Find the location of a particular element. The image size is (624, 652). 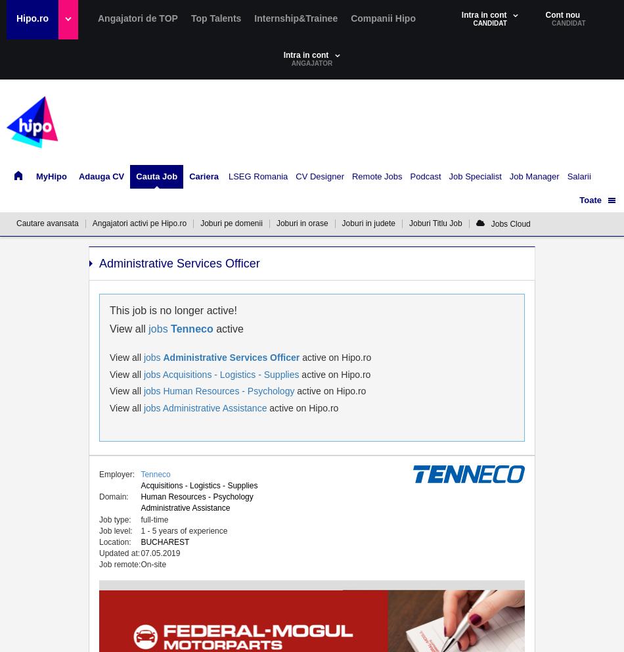

'Toate' is located at coordinates (589, 200).